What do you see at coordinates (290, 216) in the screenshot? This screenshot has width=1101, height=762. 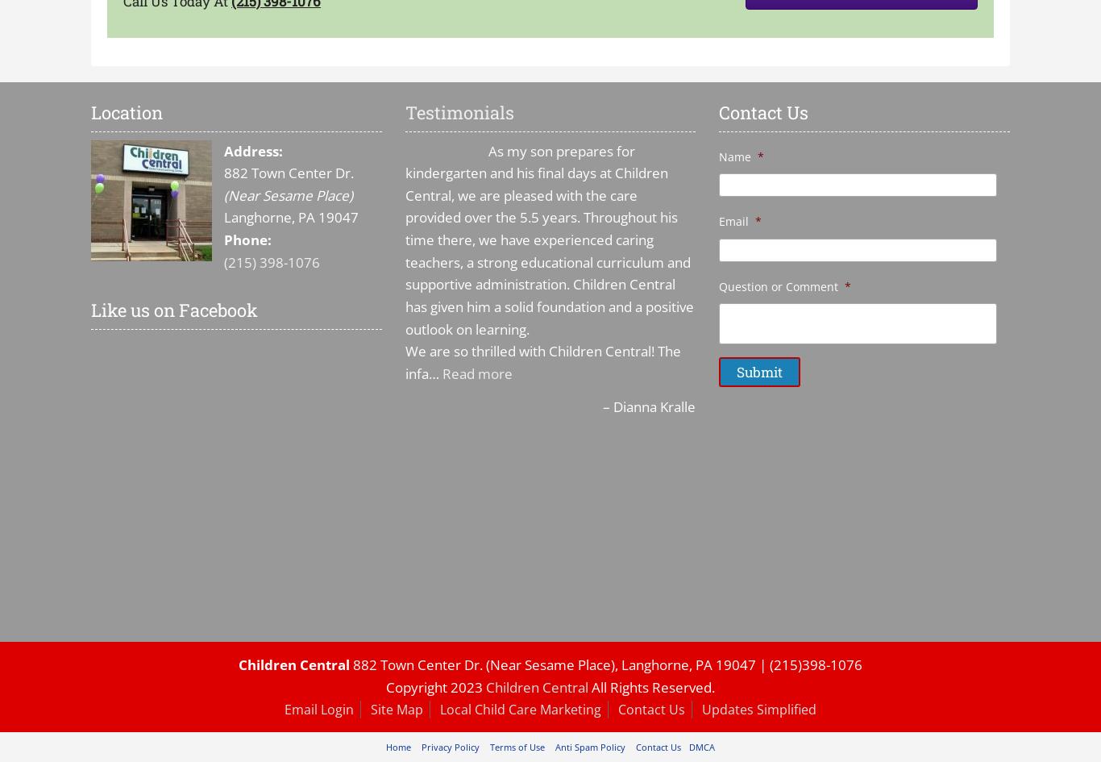 I see `'Langhorne, PA 19047'` at bounding box center [290, 216].